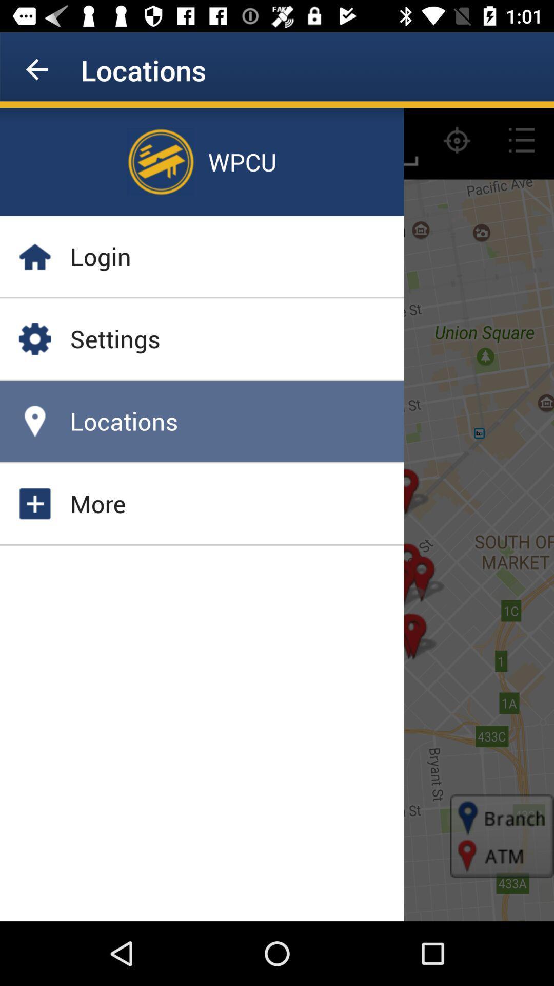  What do you see at coordinates (522, 140) in the screenshot?
I see `the list icon` at bounding box center [522, 140].